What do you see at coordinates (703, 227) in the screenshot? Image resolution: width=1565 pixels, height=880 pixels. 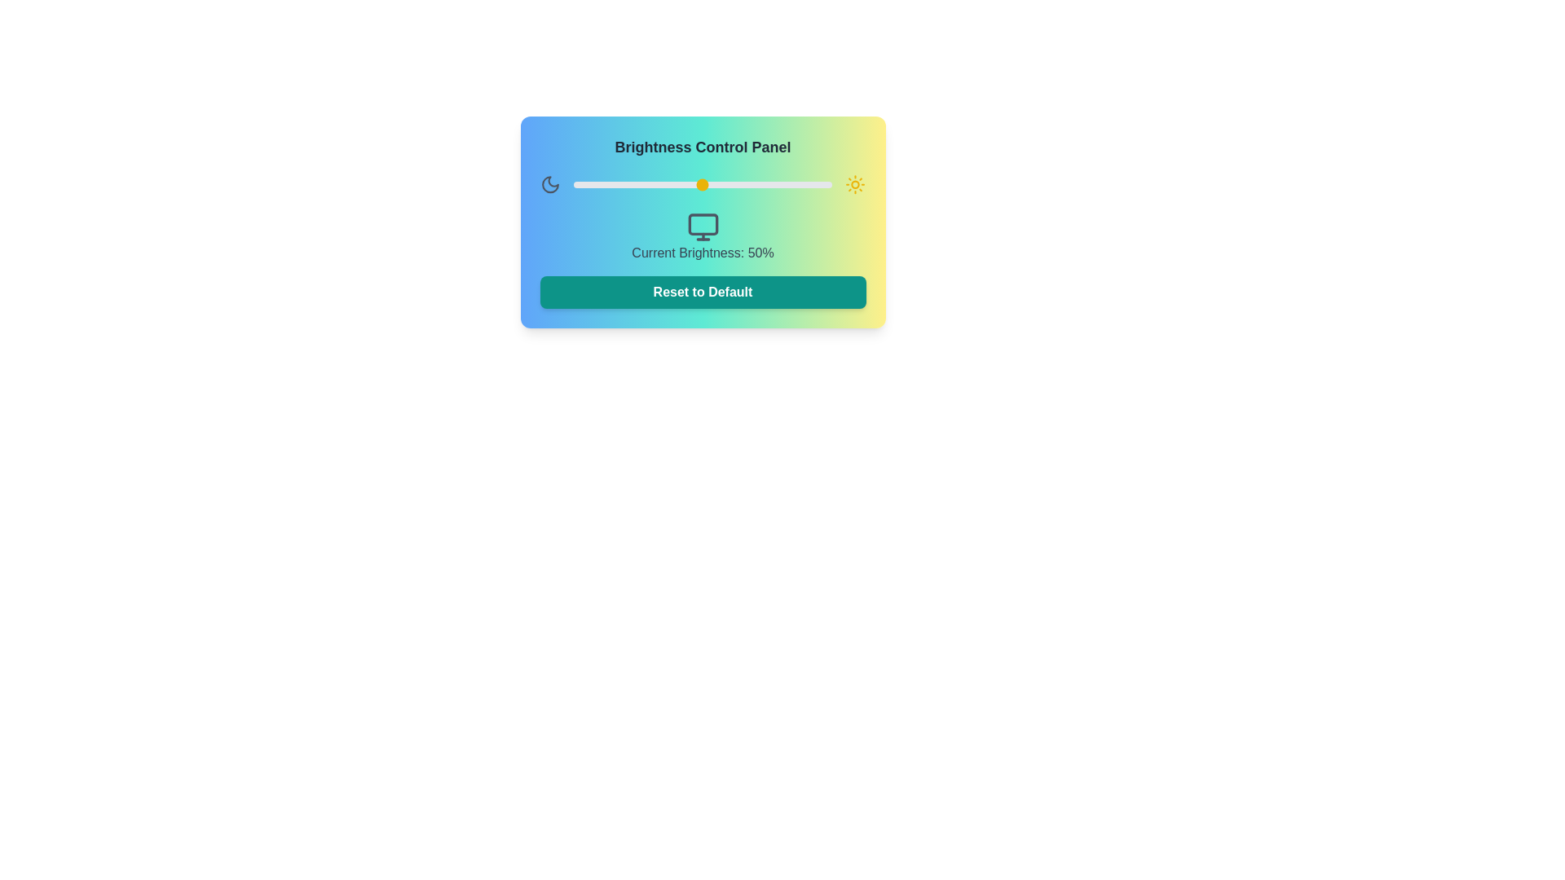 I see `the brightness control icon located under the label 'Current Brightness: 50%'` at bounding box center [703, 227].